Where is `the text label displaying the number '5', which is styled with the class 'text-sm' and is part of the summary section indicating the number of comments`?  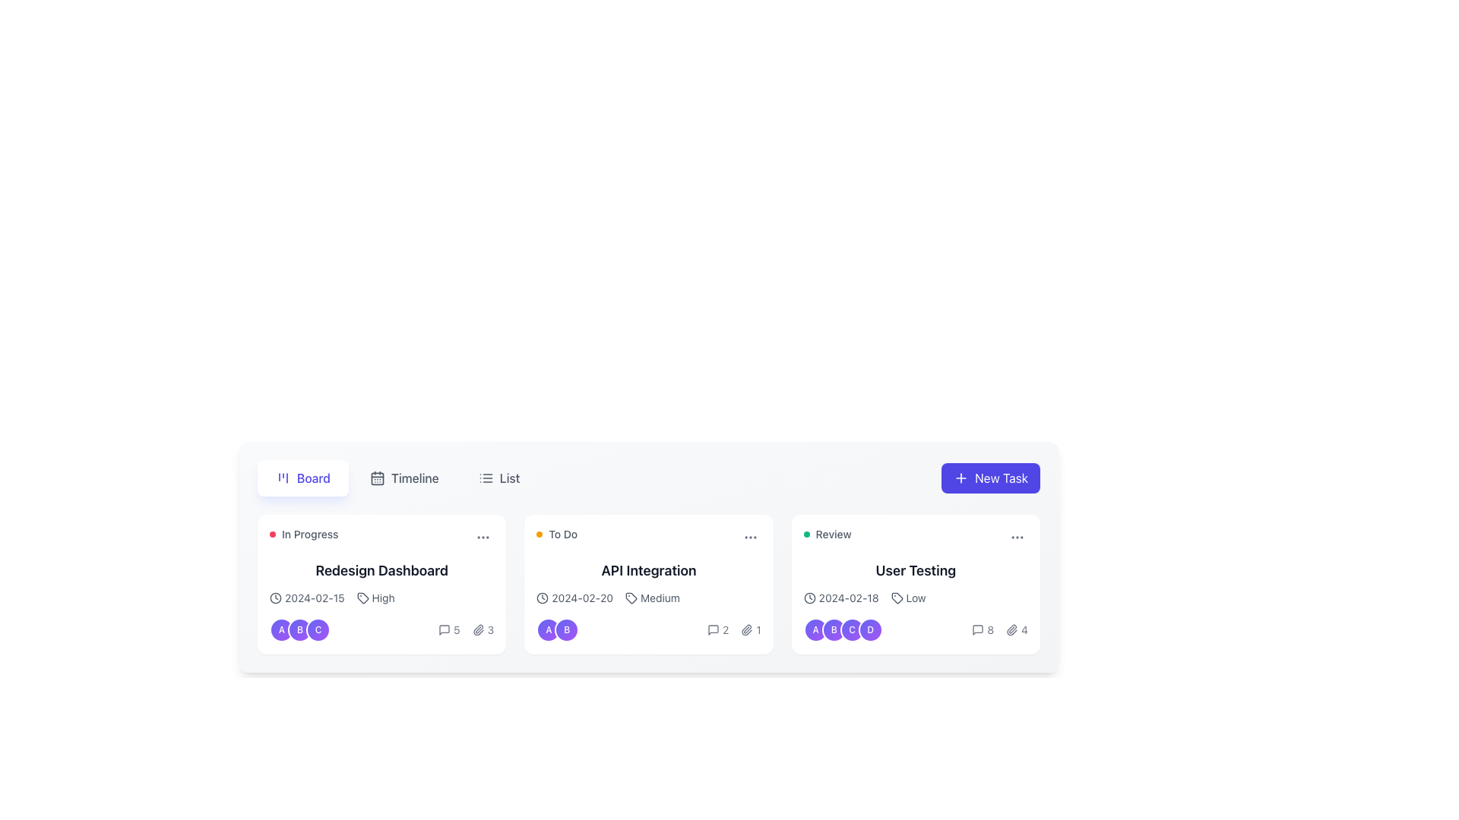
the text label displaying the number '5', which is styled with the class 'text-sm' and is part of the summary section indicating the number of comments is located at coordinates (456, 629).